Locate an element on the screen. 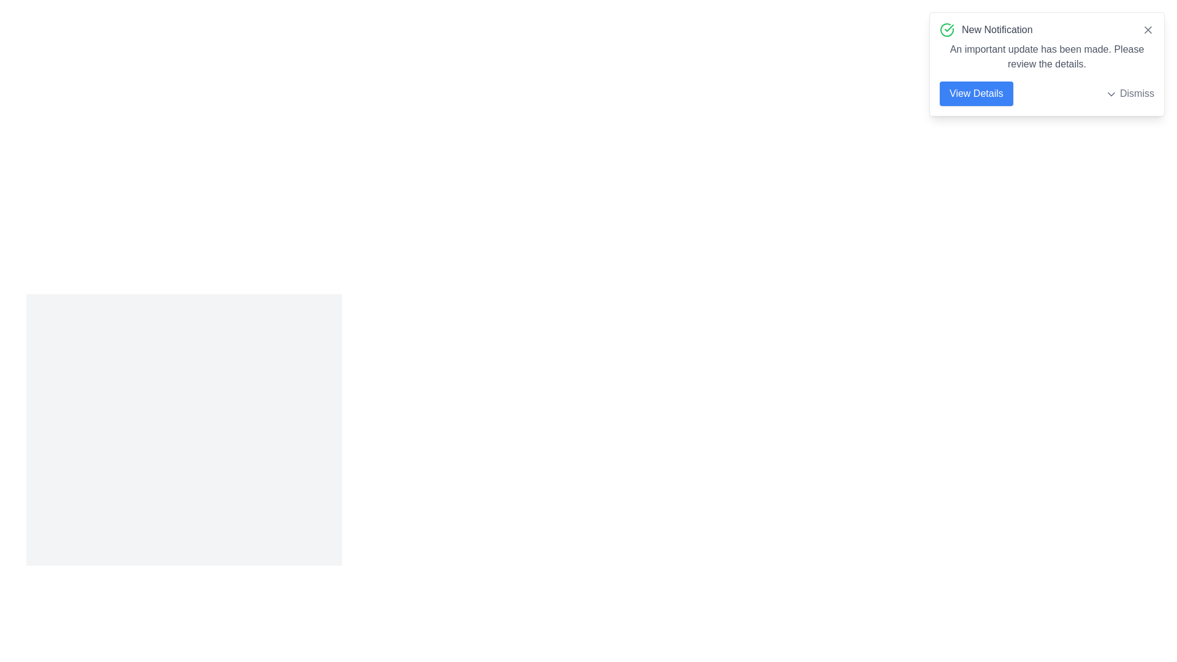  the 'View Details' button is located at coordinates (975, 93).